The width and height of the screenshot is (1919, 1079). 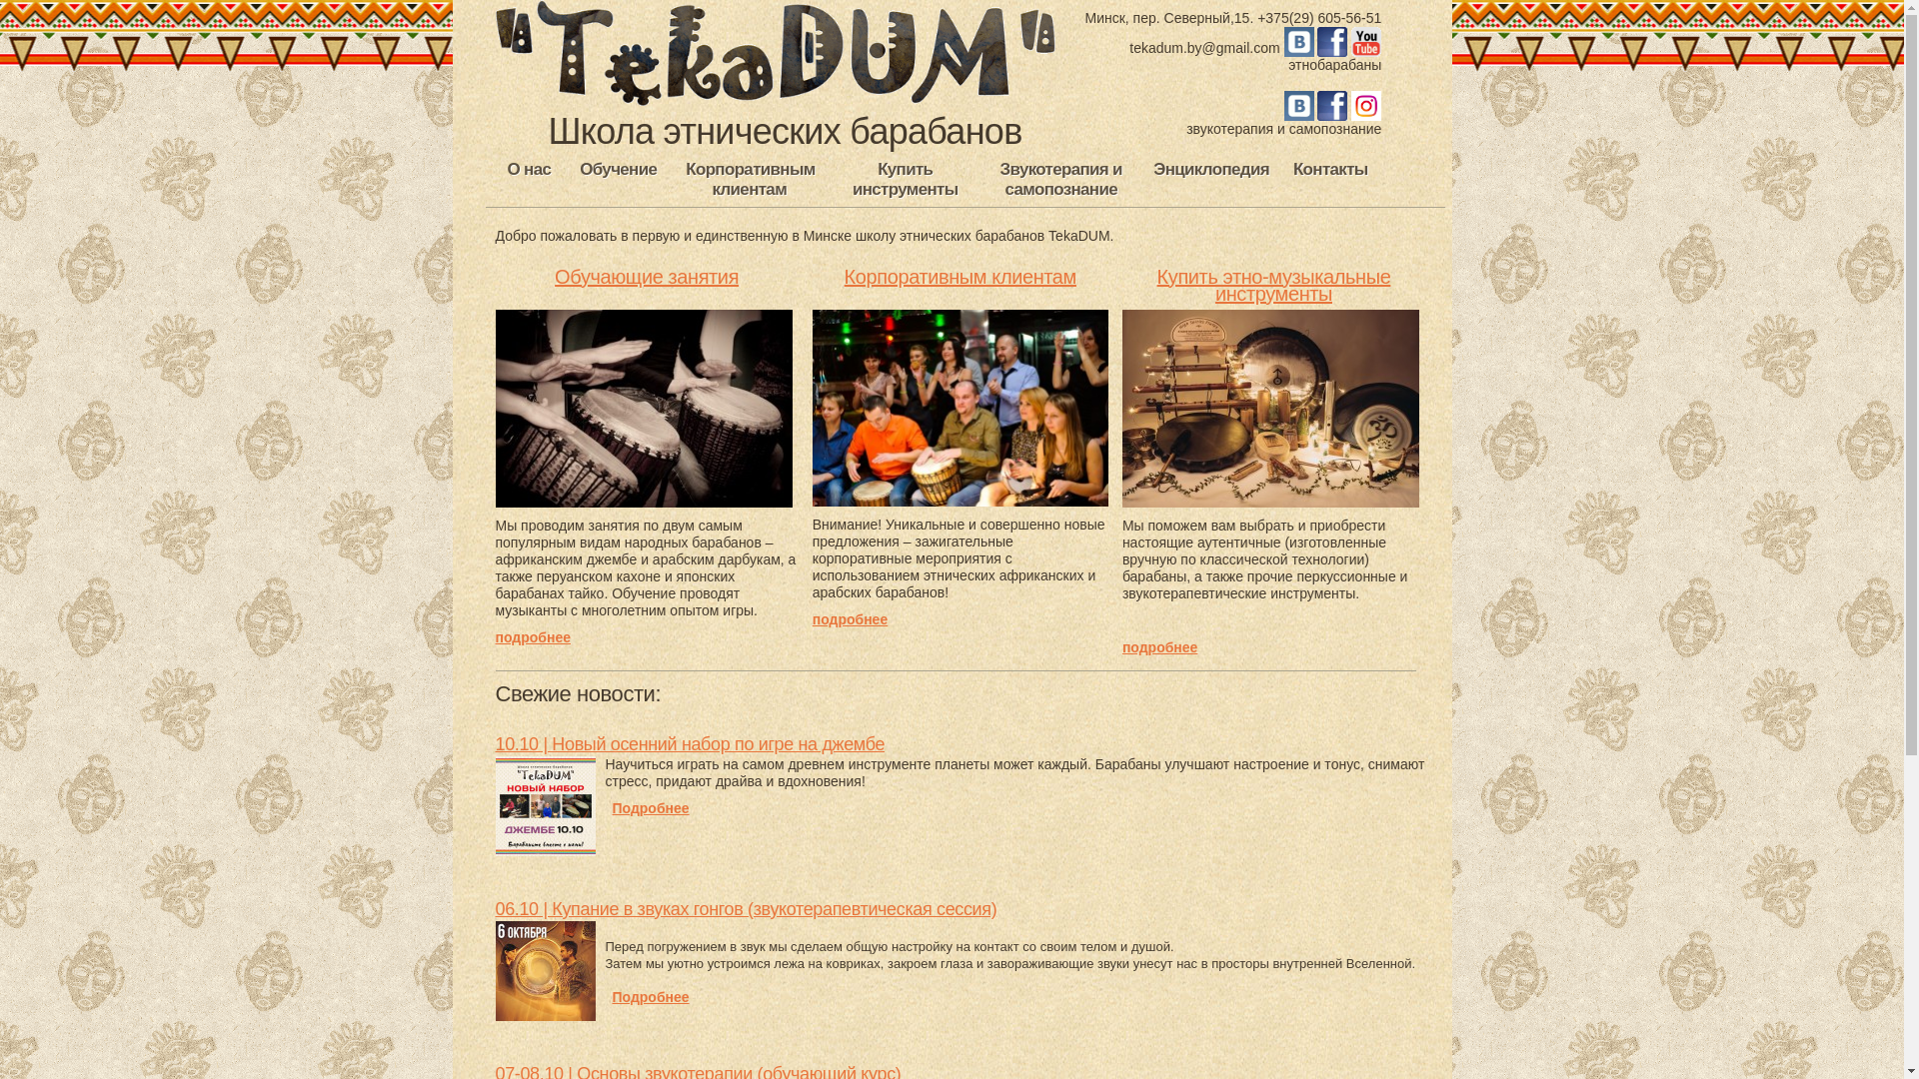 I want to click on 'facebook', so click(x=1317, y=46).